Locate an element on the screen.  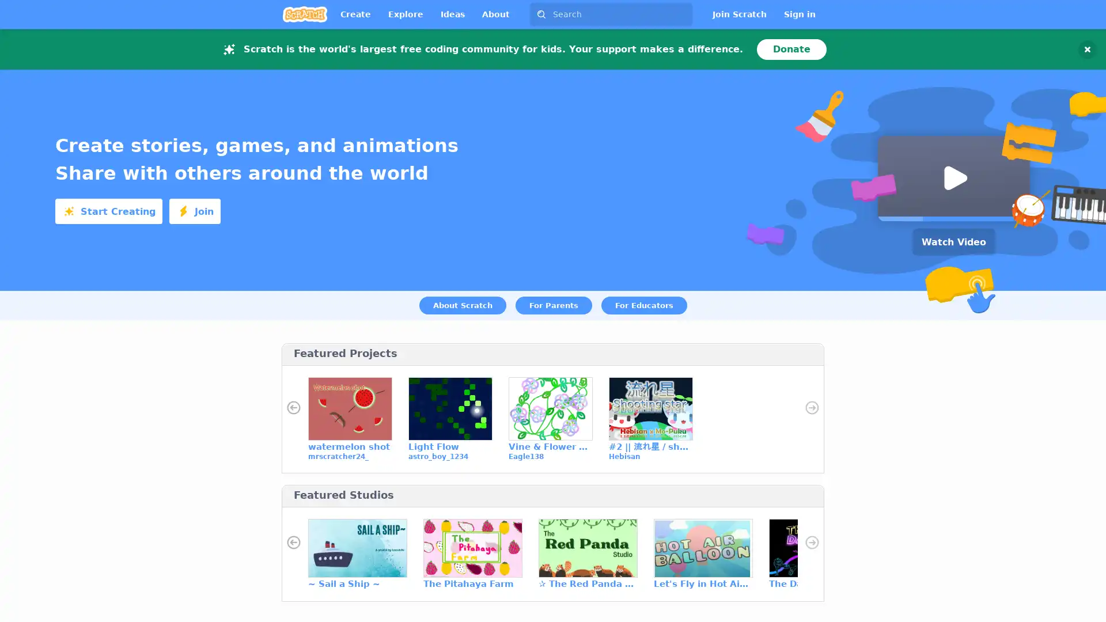
Previous is located at coordinates (293, 407).